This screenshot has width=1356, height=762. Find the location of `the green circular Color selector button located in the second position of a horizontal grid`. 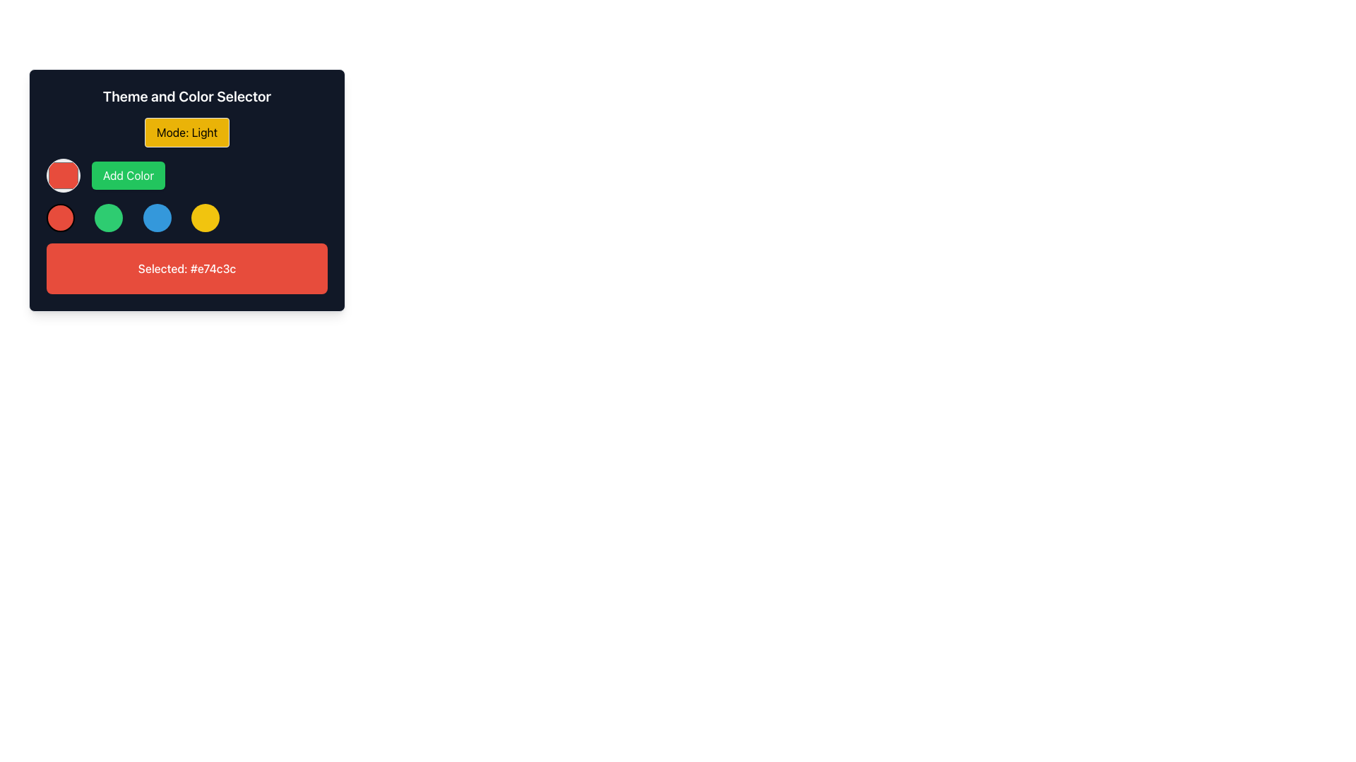

the green circular Color selector button located in the second position of a horizontal grid is located at coordinates (108, 217).